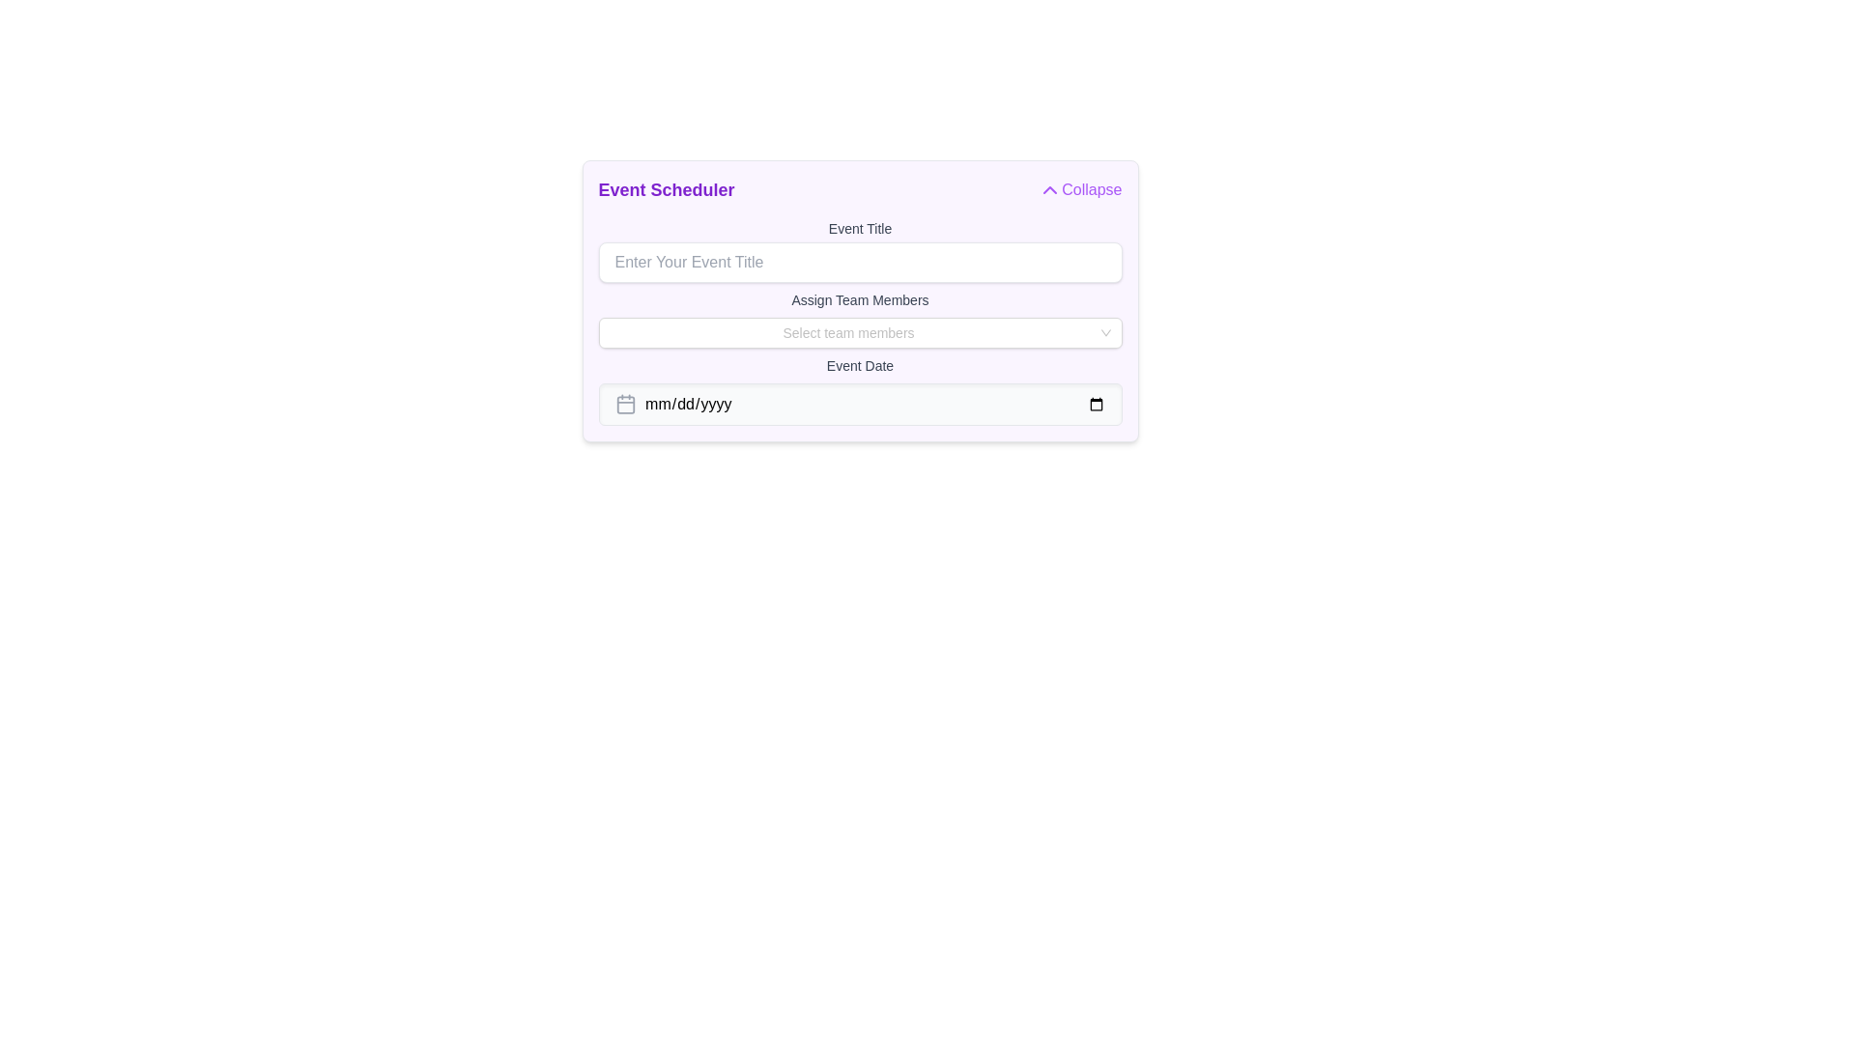 The image size is (1855, 1043). I want to click on the calendar icon located within the 'Event Date' section, so click(625, 404).